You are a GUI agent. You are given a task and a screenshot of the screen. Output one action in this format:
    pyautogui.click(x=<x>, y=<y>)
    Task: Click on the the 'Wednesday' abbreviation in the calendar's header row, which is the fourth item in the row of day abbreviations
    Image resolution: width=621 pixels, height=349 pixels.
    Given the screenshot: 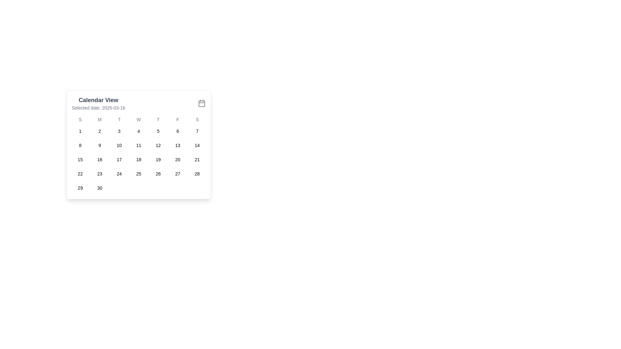 What is the action you would take?
    pyautogui.click(x=138, y=120)
    